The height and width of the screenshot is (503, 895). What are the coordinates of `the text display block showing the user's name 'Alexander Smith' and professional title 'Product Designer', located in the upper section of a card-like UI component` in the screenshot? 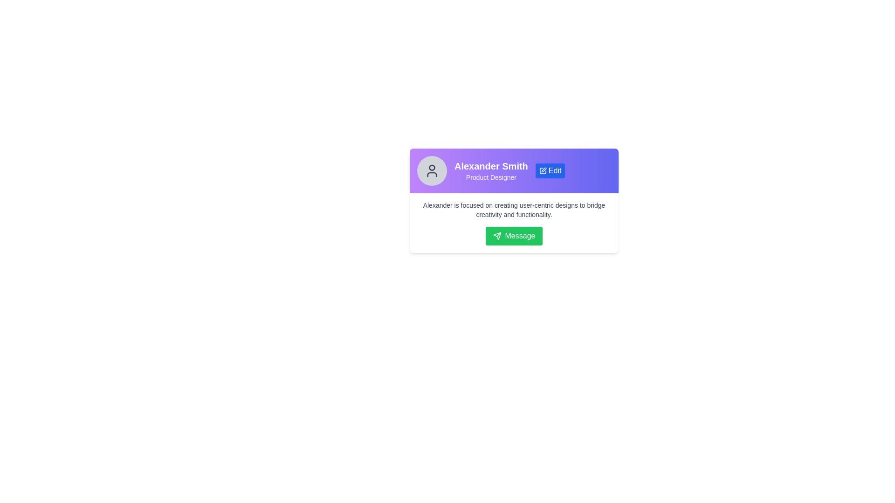 It's located at (490, 170).